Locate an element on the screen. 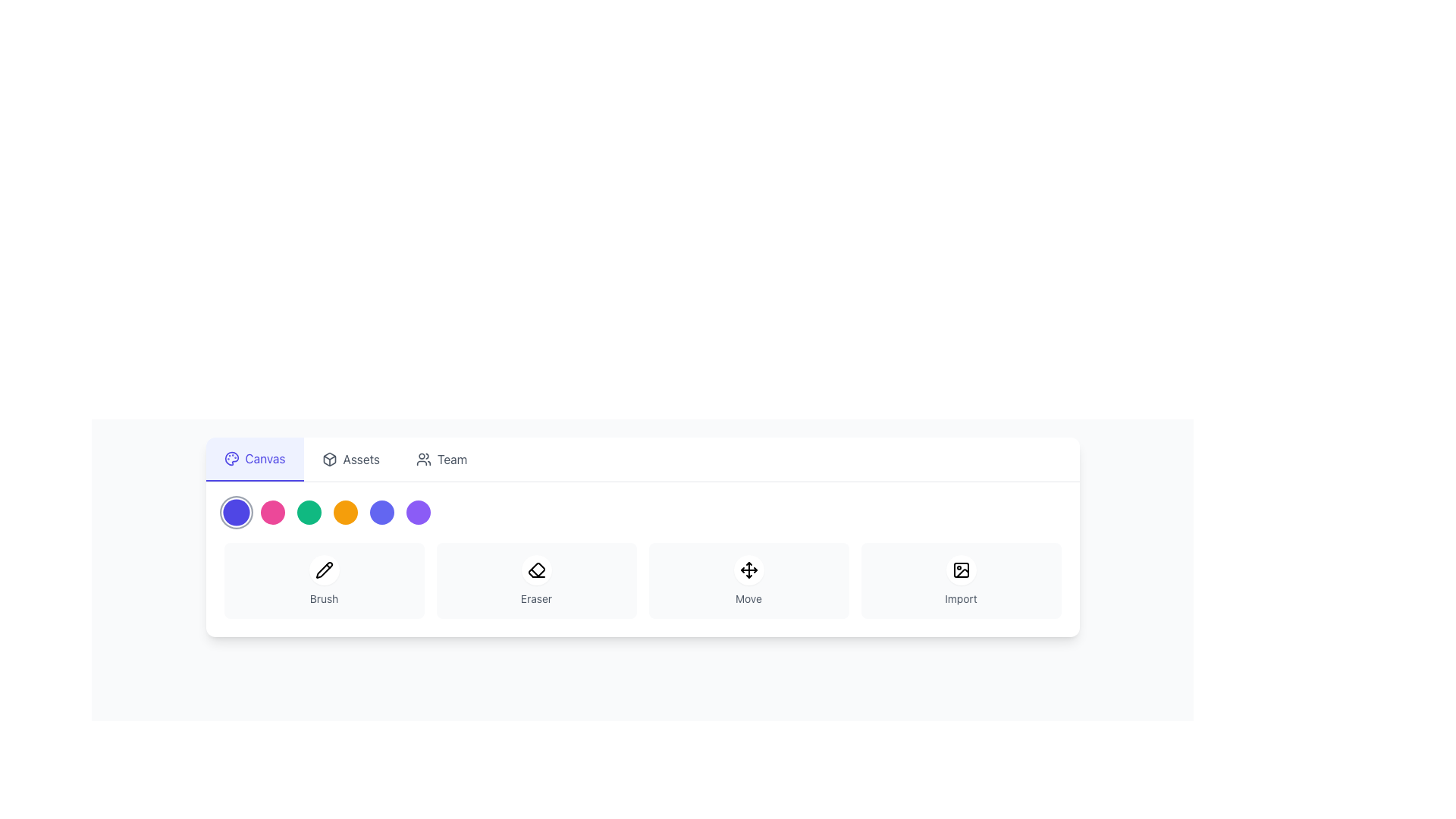 This screenshot has width=1456, height=819. the button located in the center-top portion of the 'Move' card is located at coordinates (748, 570).